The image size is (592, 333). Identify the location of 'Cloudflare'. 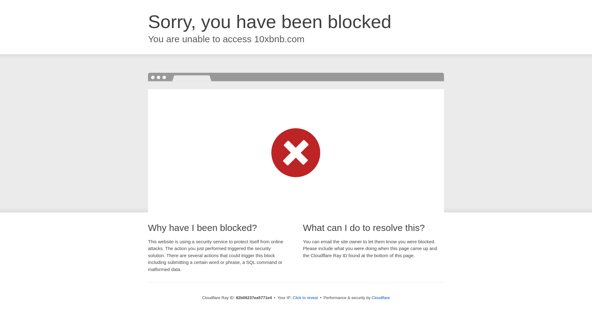
(380, 297).